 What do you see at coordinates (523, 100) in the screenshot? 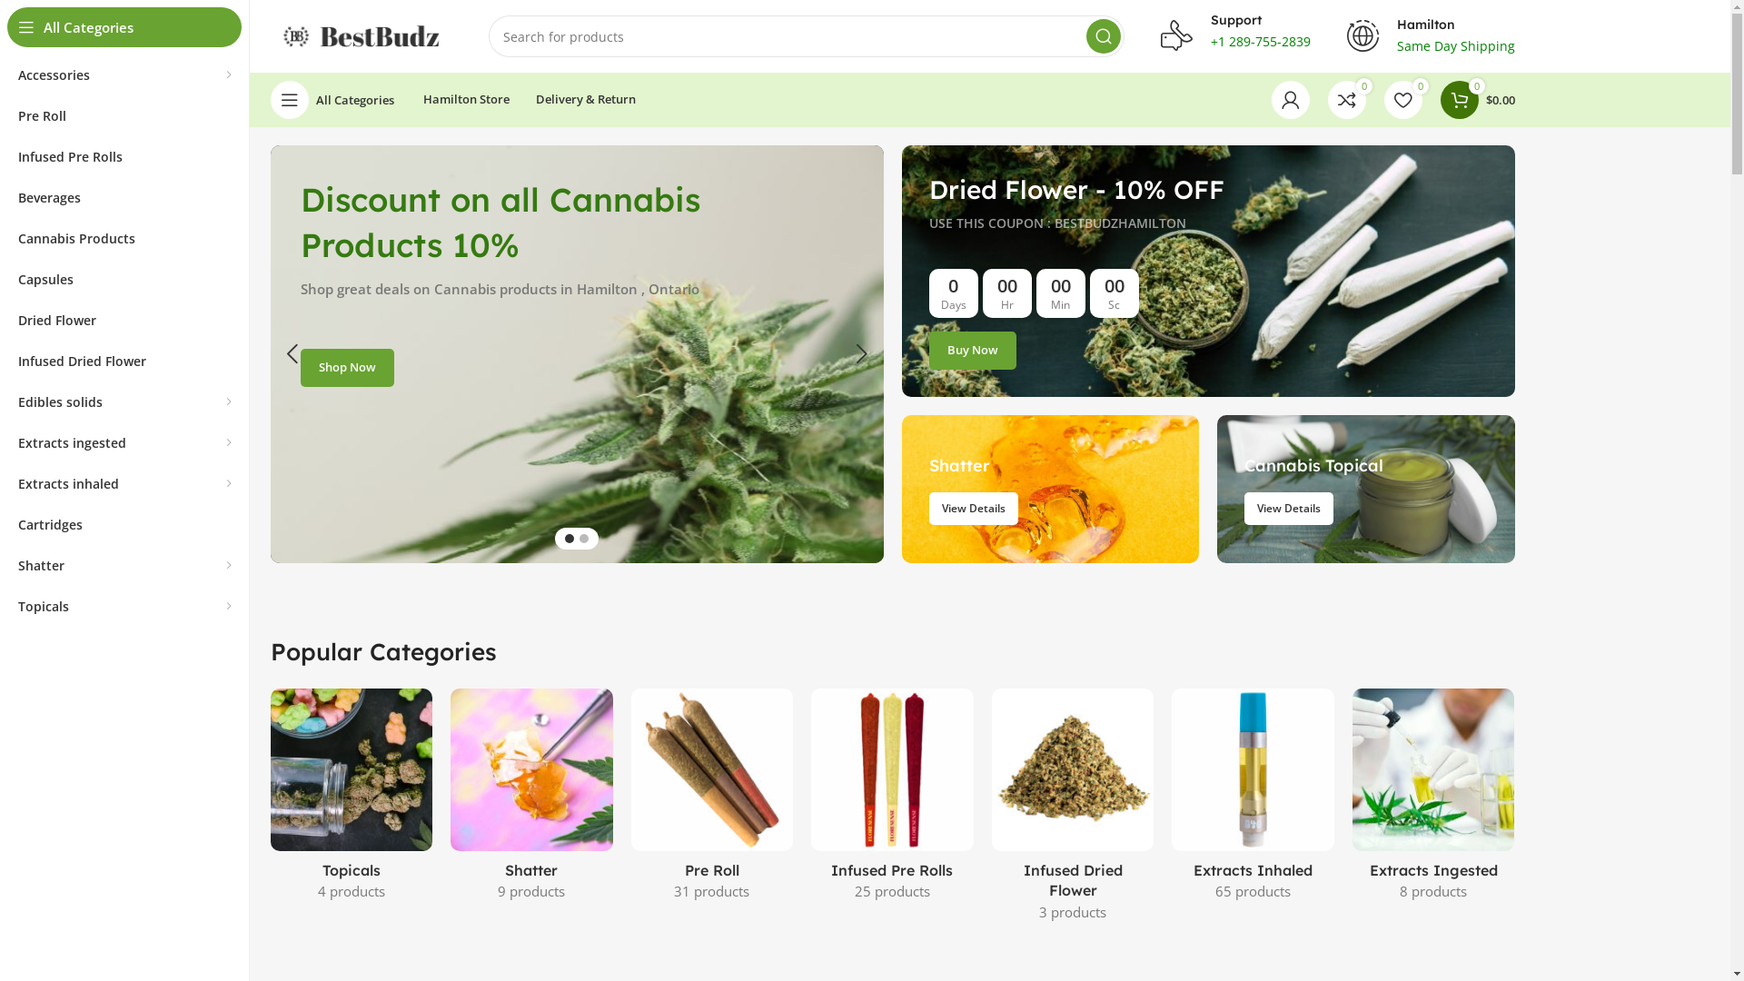
I see `'Delivery & Return'` at bounding box center [523, 100].